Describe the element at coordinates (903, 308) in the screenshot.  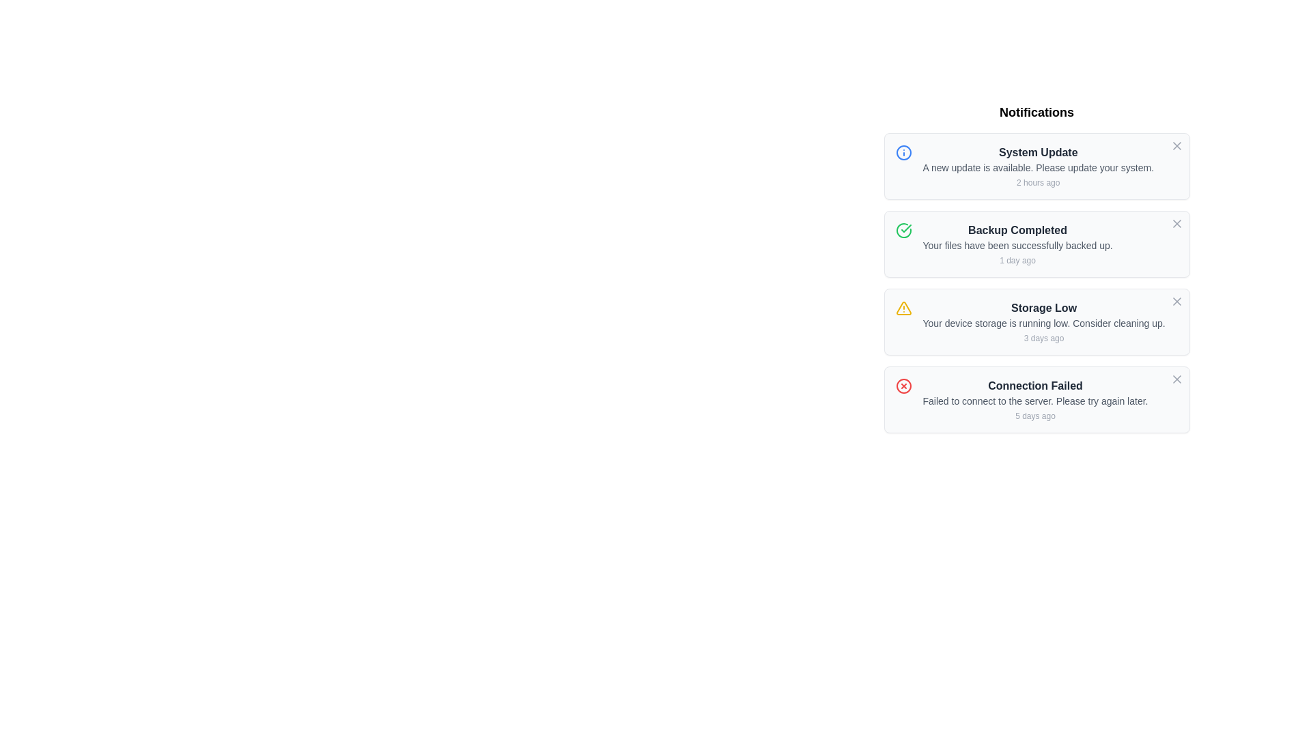
I see `the details regarding the warning status by interacting with the visual warning indicator icon in the 'Storage Low' notification item, which is located in the third row of the notifications list` at that location.